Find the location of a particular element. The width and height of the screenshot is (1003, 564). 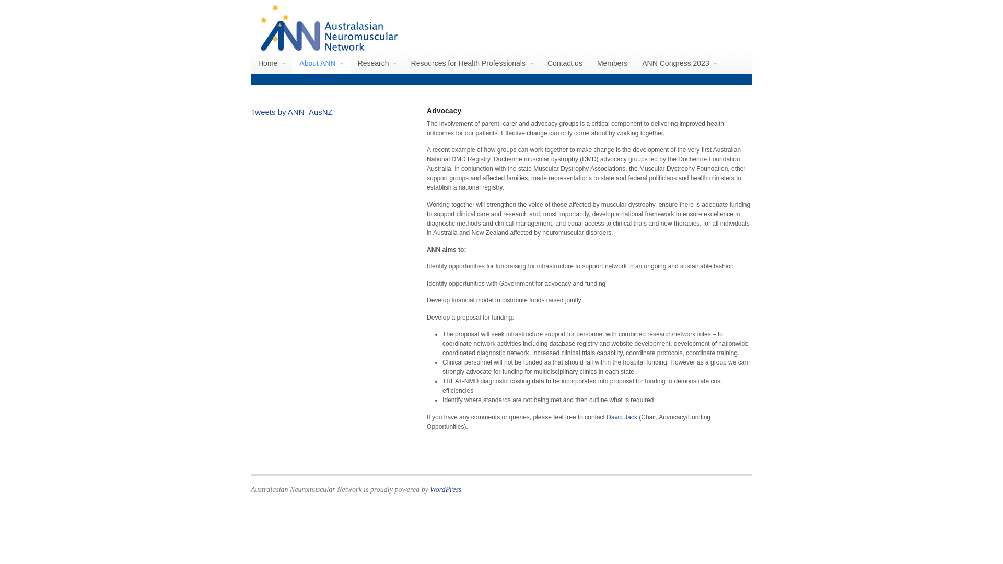

'Home' is located at coordinates (271, 63).